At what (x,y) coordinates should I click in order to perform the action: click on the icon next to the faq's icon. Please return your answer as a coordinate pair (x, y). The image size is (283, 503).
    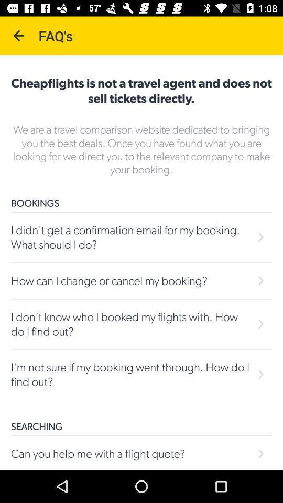
    Looking at the image, I should click on (19, 36).